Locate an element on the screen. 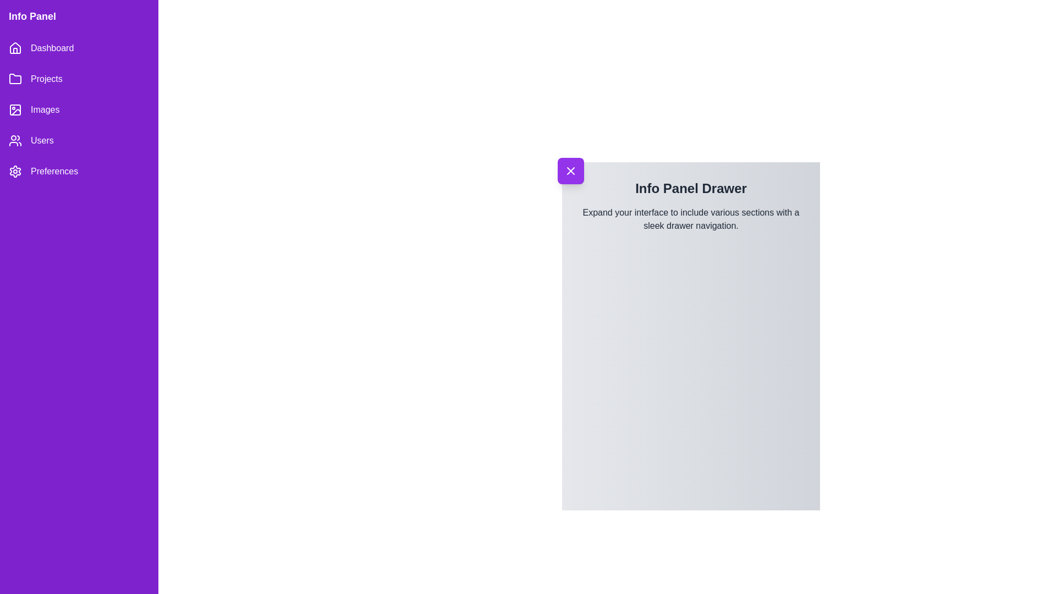 The image size is (1056, 594). the menu item Preferences to observe its hover effect is located at coordinates (79, 172).